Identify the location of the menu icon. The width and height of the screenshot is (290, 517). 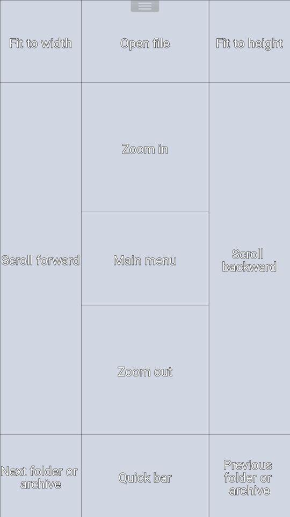
(144, 7).